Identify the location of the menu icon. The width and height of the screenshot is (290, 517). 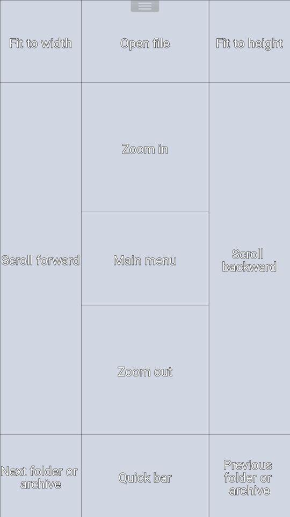
(144, 7).